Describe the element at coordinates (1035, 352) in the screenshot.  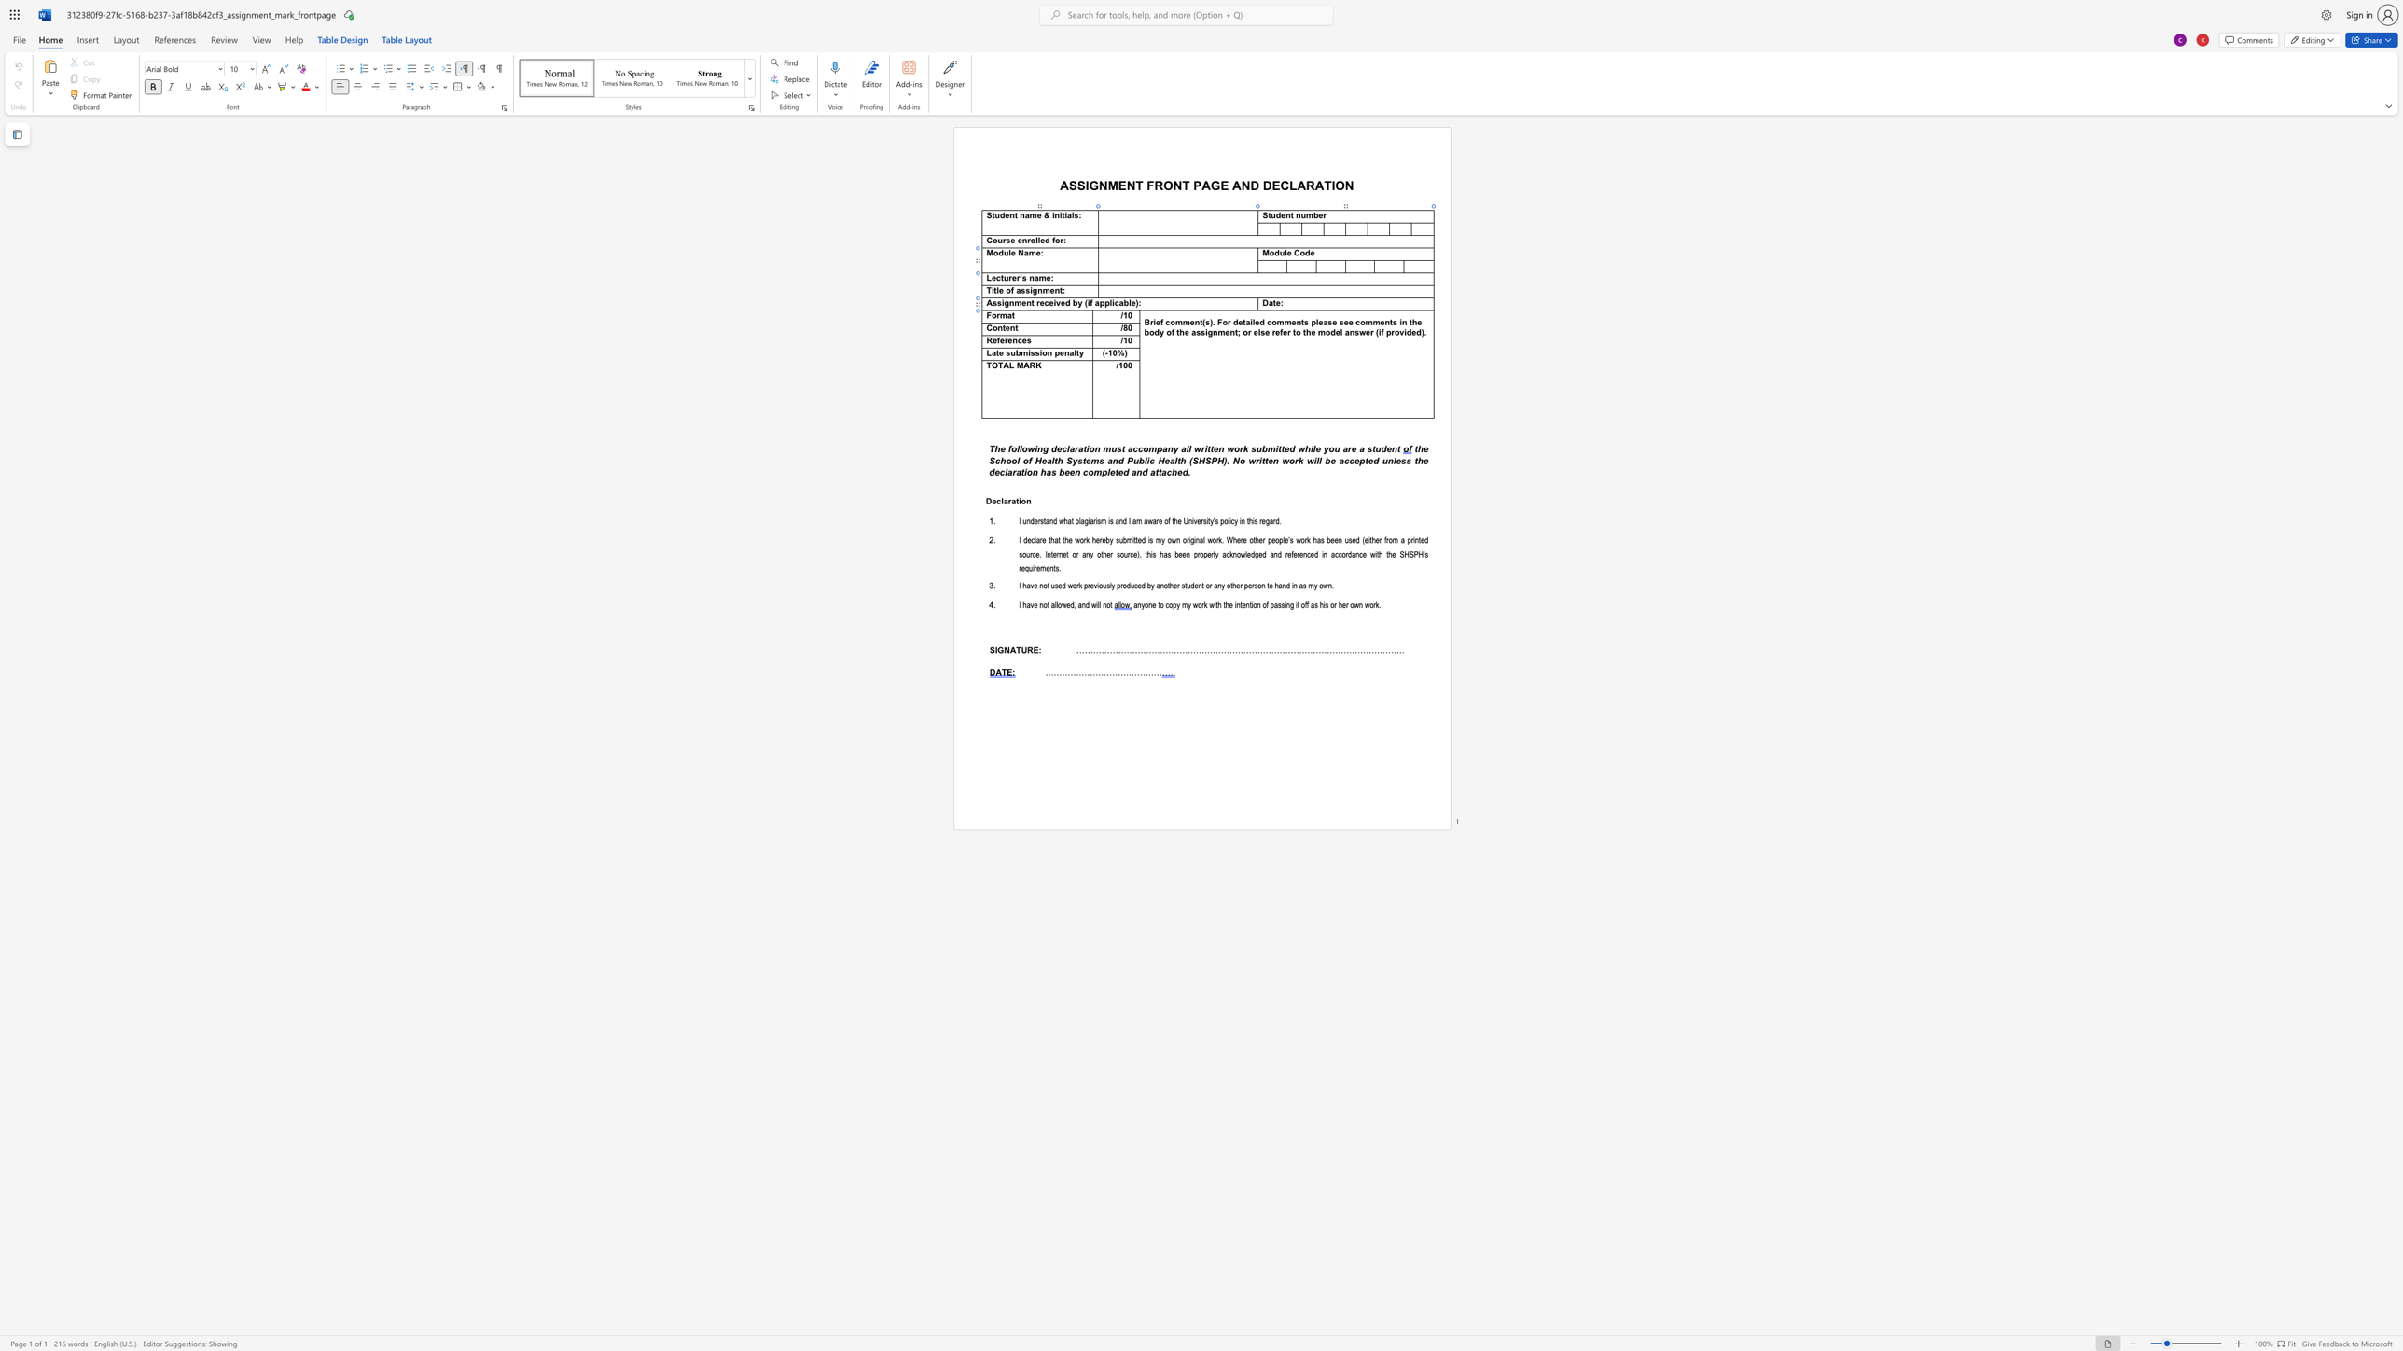
I see `the space between the continuous character "s" and "s" in the text` at that location.